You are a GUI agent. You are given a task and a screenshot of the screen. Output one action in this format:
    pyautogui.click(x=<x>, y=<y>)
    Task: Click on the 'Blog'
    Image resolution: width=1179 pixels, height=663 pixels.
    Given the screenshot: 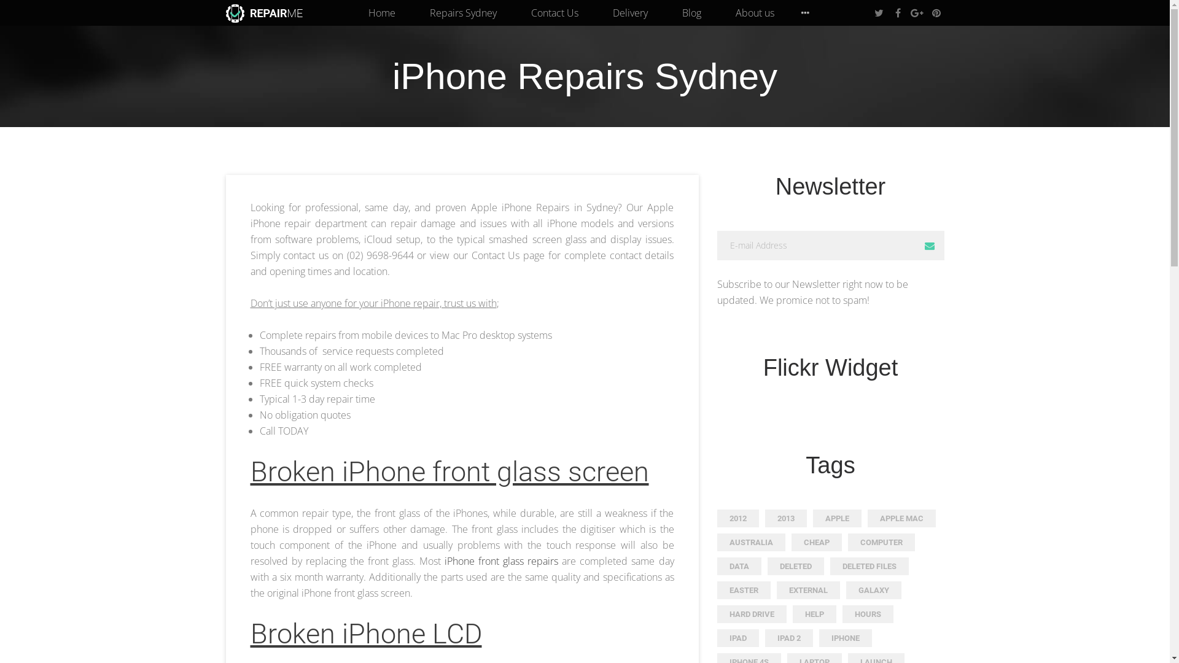 What is the action you would take?
    pyautogui.click(x=691, y=12)
    